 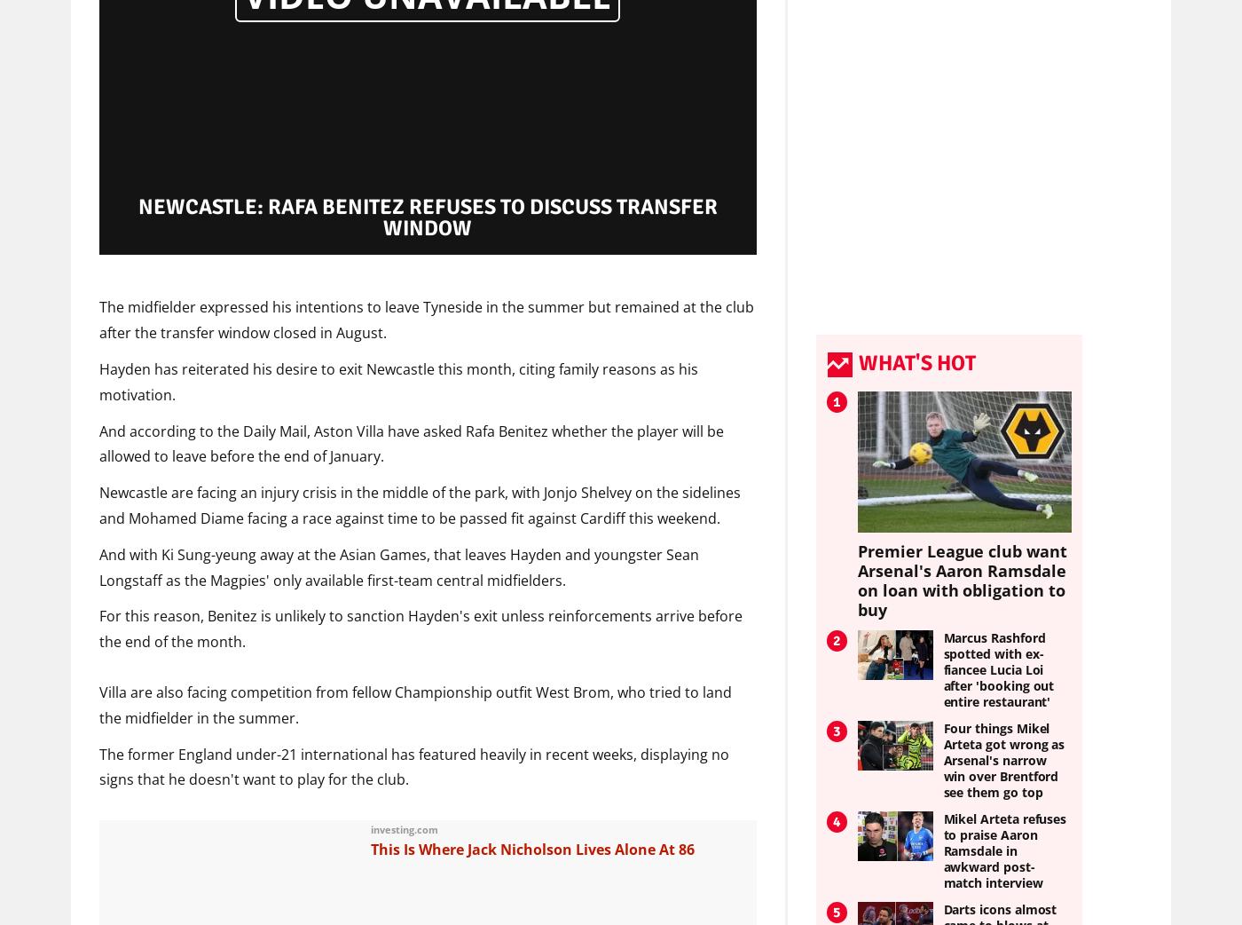 What do you see at coordinates (411, 443) in the screenshot?
I see `'And according to the Daily Mail, Aston Villa have asked Rafa Benitez whether the player will be allowed to leave before the end of January.'` at bounding box center [411, 443].